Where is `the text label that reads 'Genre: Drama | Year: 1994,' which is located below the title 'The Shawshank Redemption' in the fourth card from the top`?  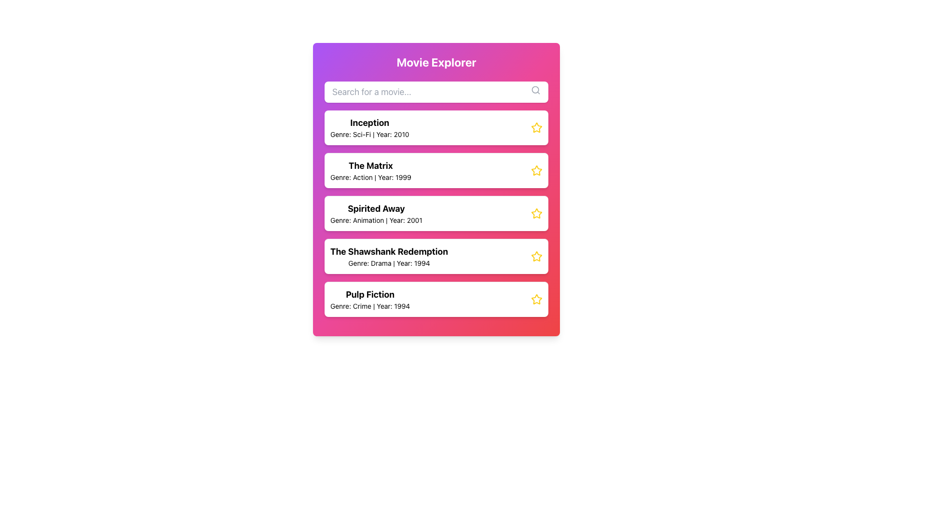
the text label that reads 'Genre: Drama | Year: 1994,' which is located below the title 'The Shawshank Redemption' in the fourth card from the top is located at coordinates (389, 263).